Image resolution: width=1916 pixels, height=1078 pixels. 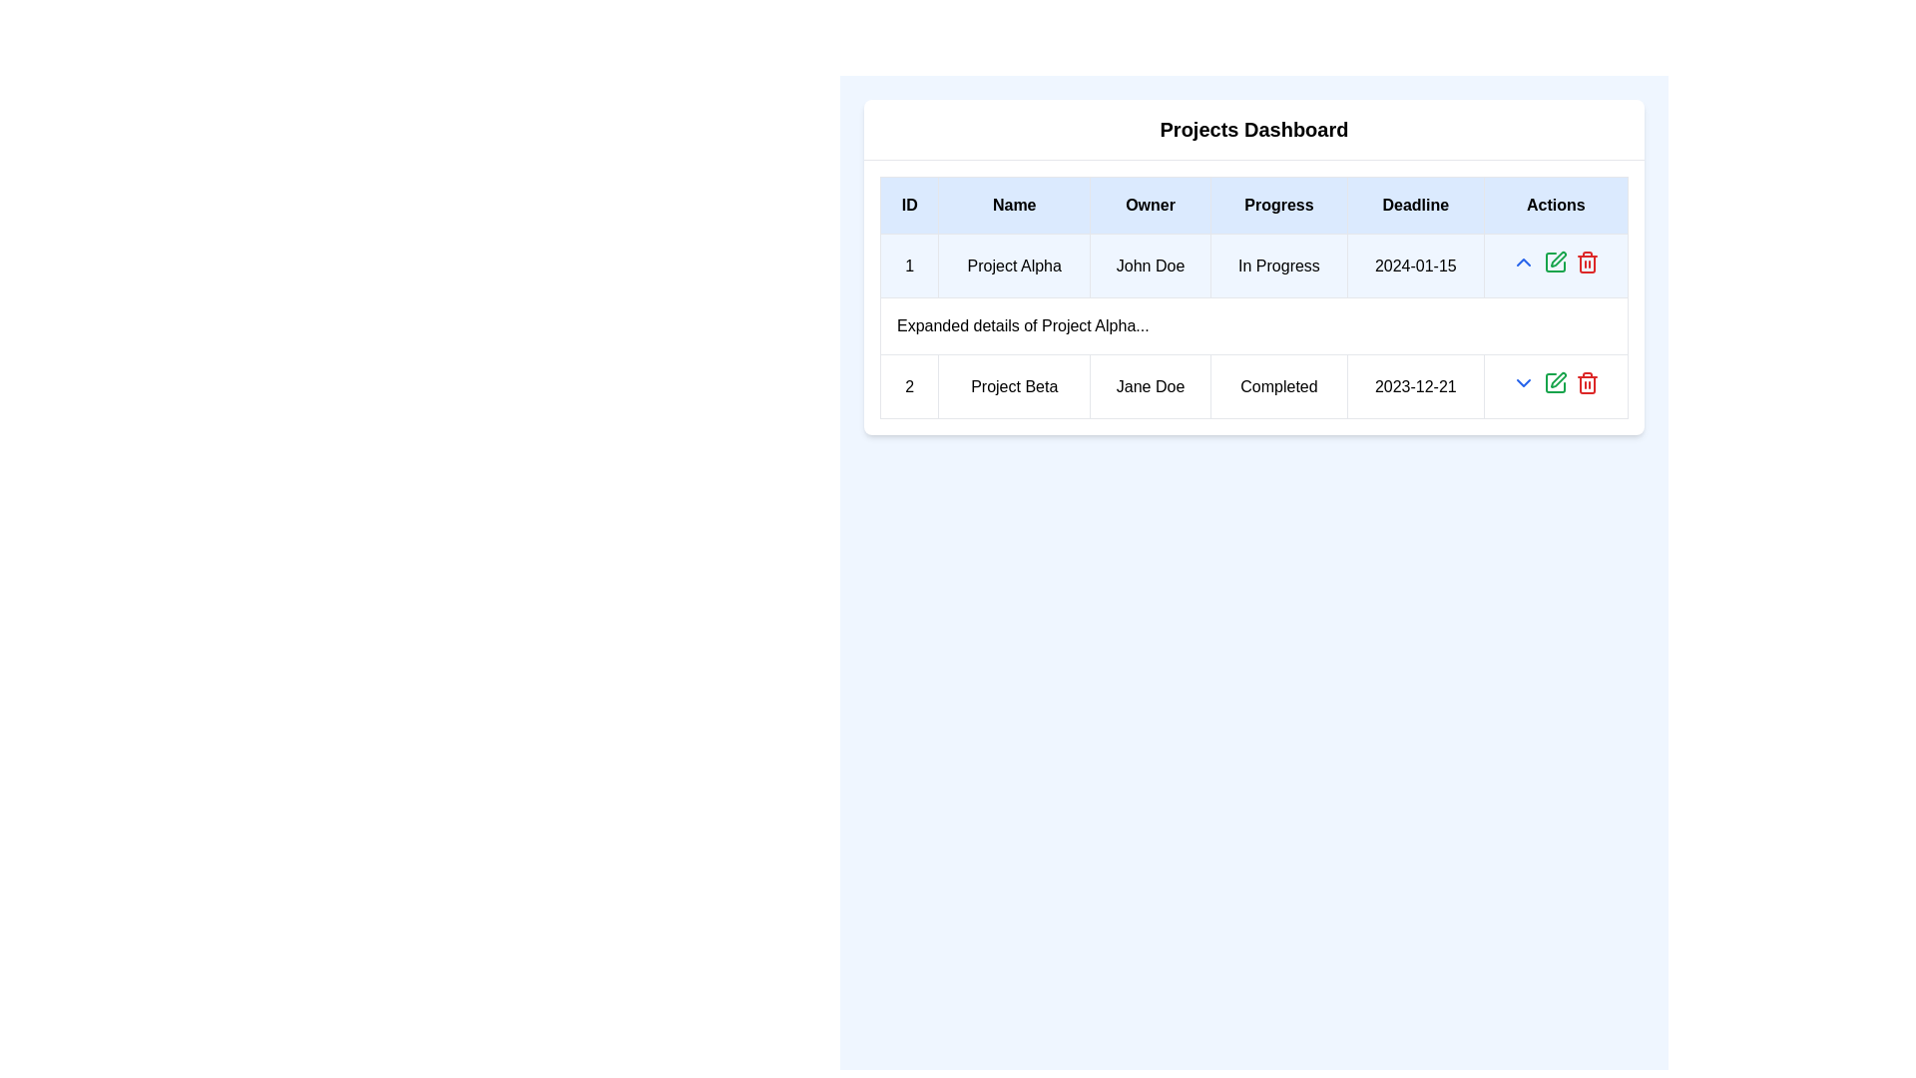 What do you see at coordinates (1253, 205) in the screenshot?
I see `the table header row that organizes the data into categories such as ID, Name, Owner, Progress, Deadline, and Actions by moving the cursor to the center of this element` at bounding box center [1253, 205].